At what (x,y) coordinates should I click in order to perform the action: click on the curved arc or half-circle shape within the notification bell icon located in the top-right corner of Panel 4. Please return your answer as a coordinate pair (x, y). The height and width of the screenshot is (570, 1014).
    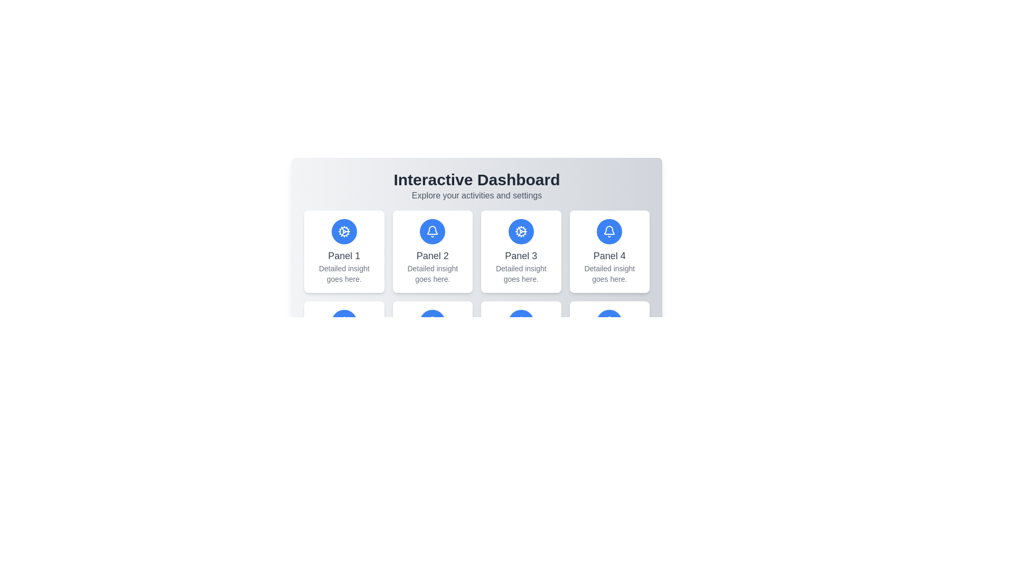
    Looking at the image, I should click on (609, 320).